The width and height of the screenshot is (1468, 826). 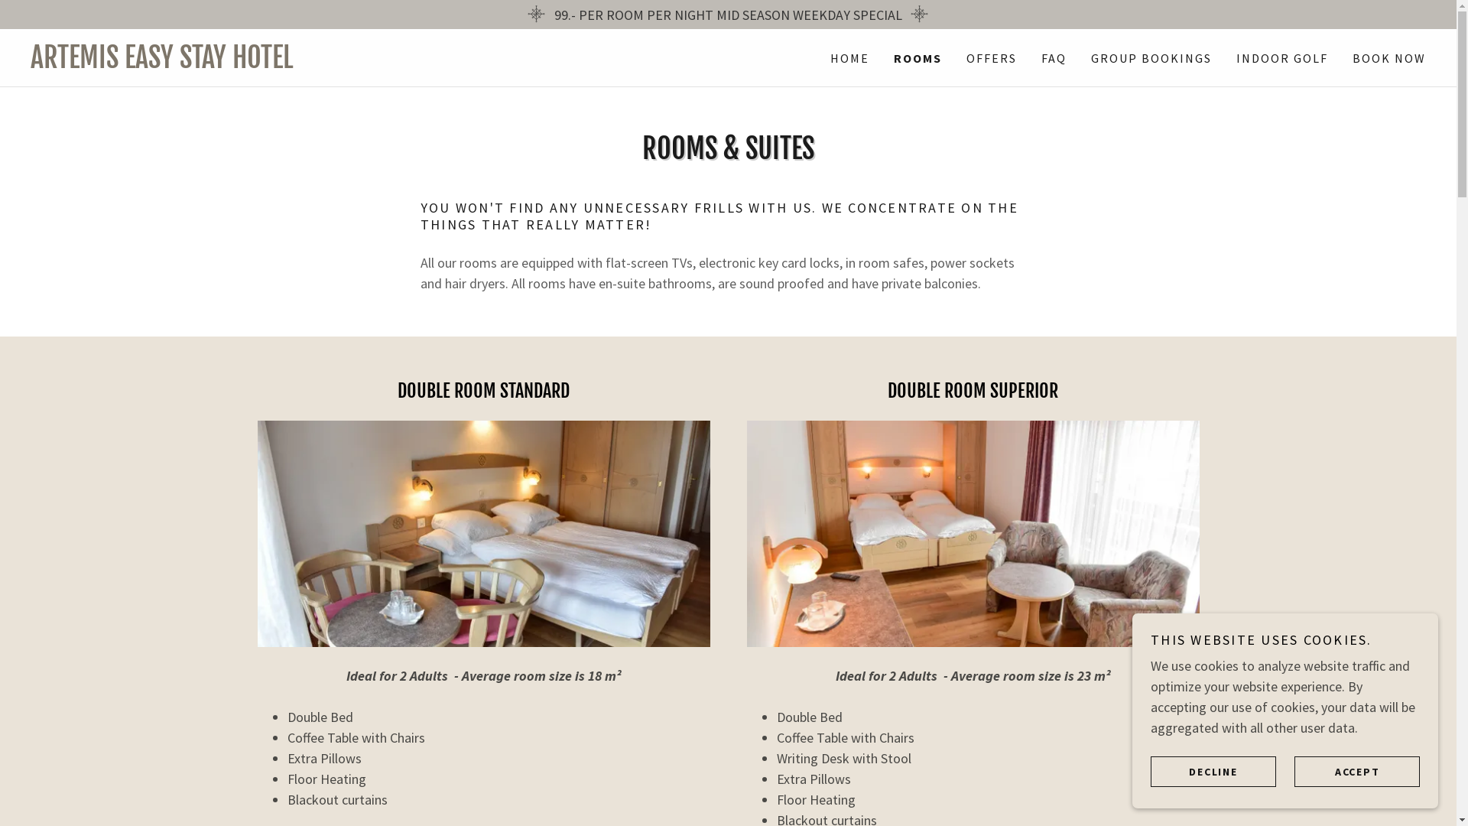 I want to click on 'INDOOR GOLF', so click(x=1281, y=57).